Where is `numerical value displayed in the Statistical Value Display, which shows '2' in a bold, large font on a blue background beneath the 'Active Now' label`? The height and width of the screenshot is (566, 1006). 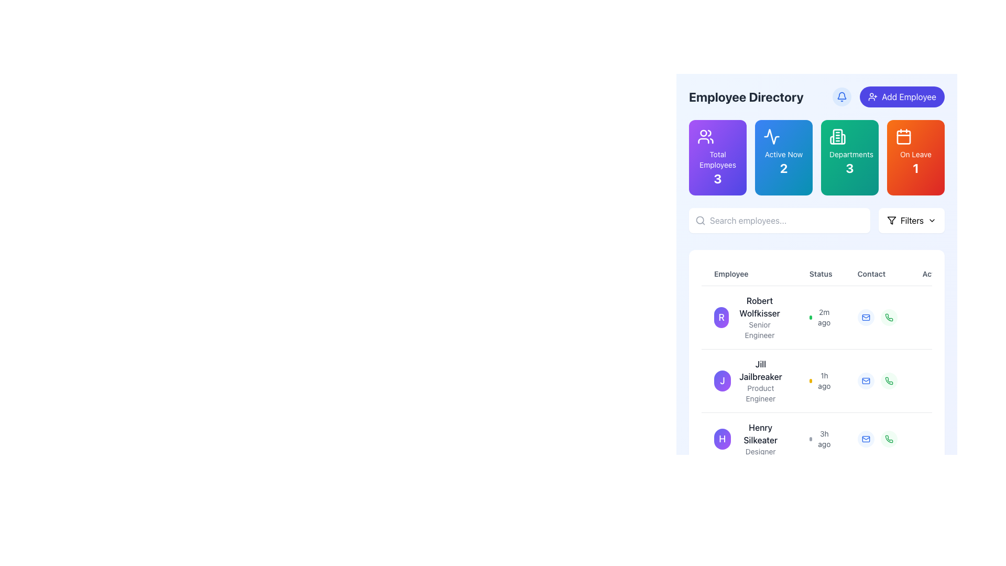 numerical value displayed in the Statistical Value Display, which shows '2' in a bold, large font on a blue background beneath the 'Active Now' label is located at coordinates (784, 167).